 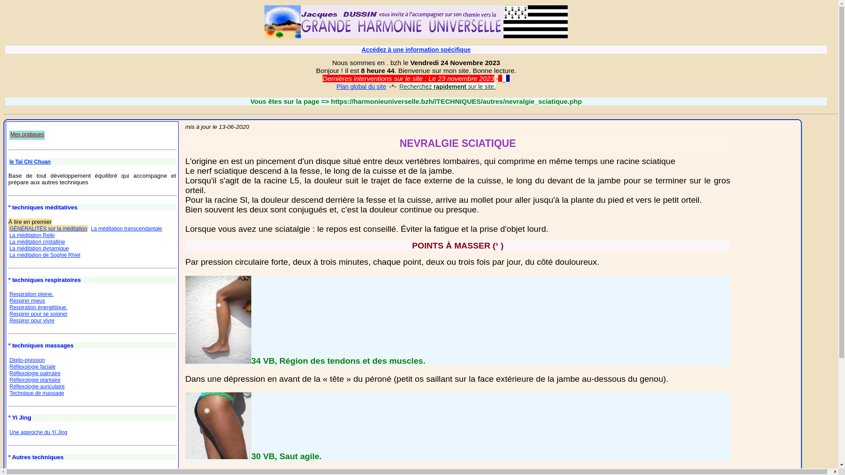 What do you see at coordinates (27, 135) in the screenshot?
I see `'Mes pratiques'` at bounding box center [27, 135].